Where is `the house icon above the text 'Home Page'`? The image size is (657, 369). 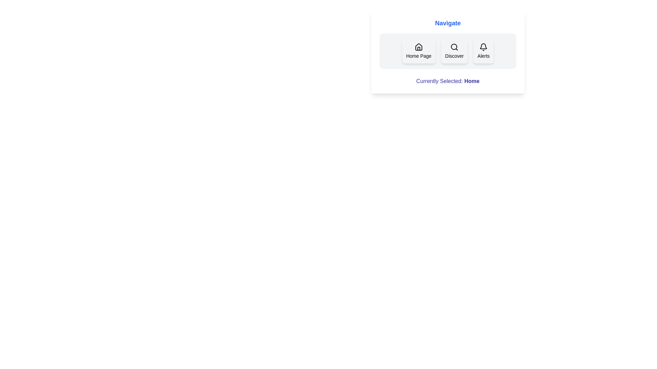 the house icon above the text 'Home Page' is located at coordinates (418, 47).